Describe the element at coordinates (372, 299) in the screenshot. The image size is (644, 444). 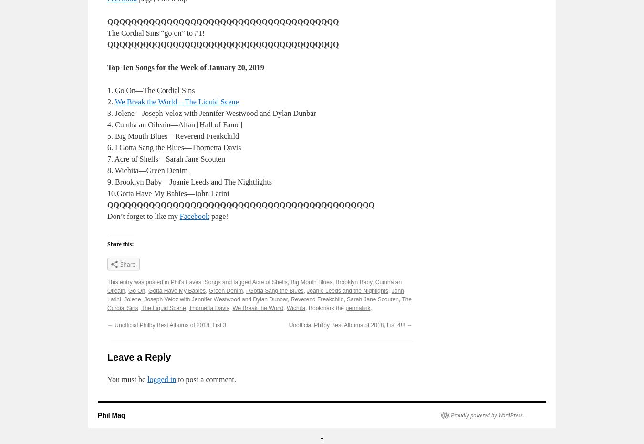
I see `'Sarah Jane Scouten'` at that location.